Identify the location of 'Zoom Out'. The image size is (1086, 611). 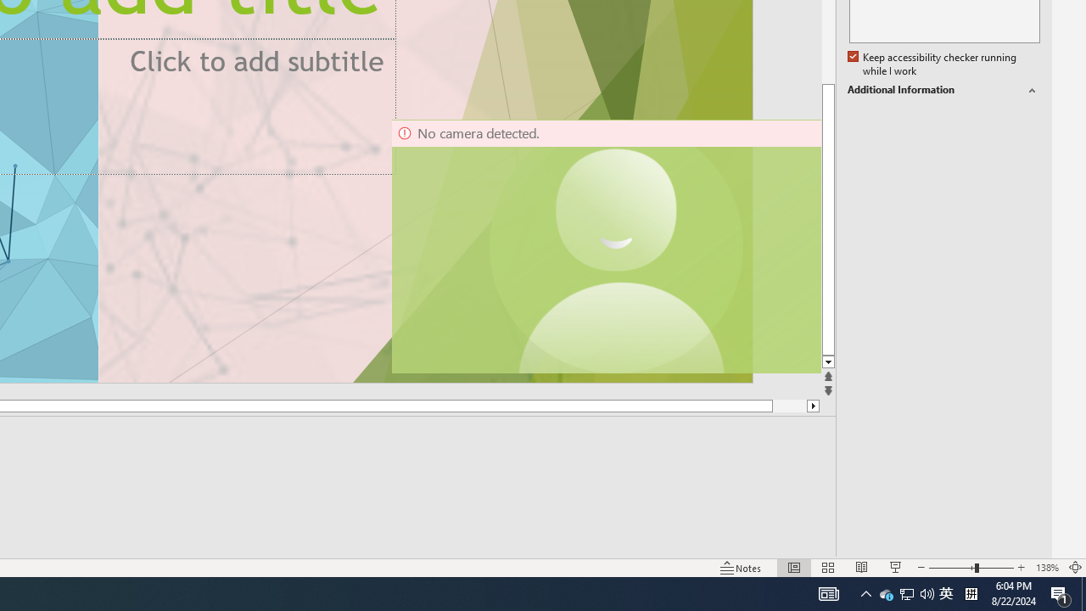
(951, 568).